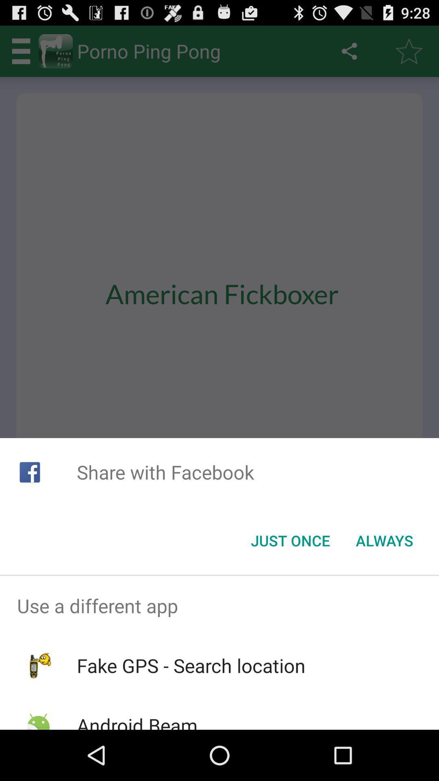 Image resolution: width=439 pixels, height=781 pixels. What do you see at coordinates (191, 665) in the screenshot?
I see `item below use a different` at bounding box center [191, 665].